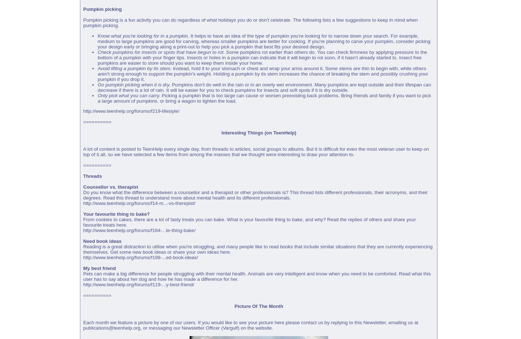  I want to click on 'Pumpkin picking is a fun activity you can do regardless of what holidays you do or don't celebrate. The following lists a few suggestions to keep in mind when pumpkin picking.', so click(83, 22).